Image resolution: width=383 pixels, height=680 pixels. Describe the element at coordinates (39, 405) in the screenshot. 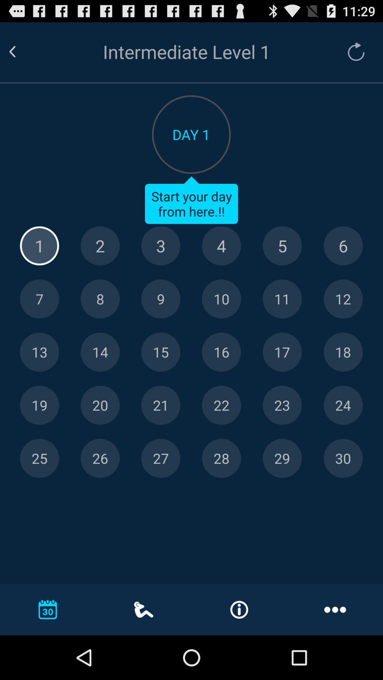

I see `please calculate` at that location.